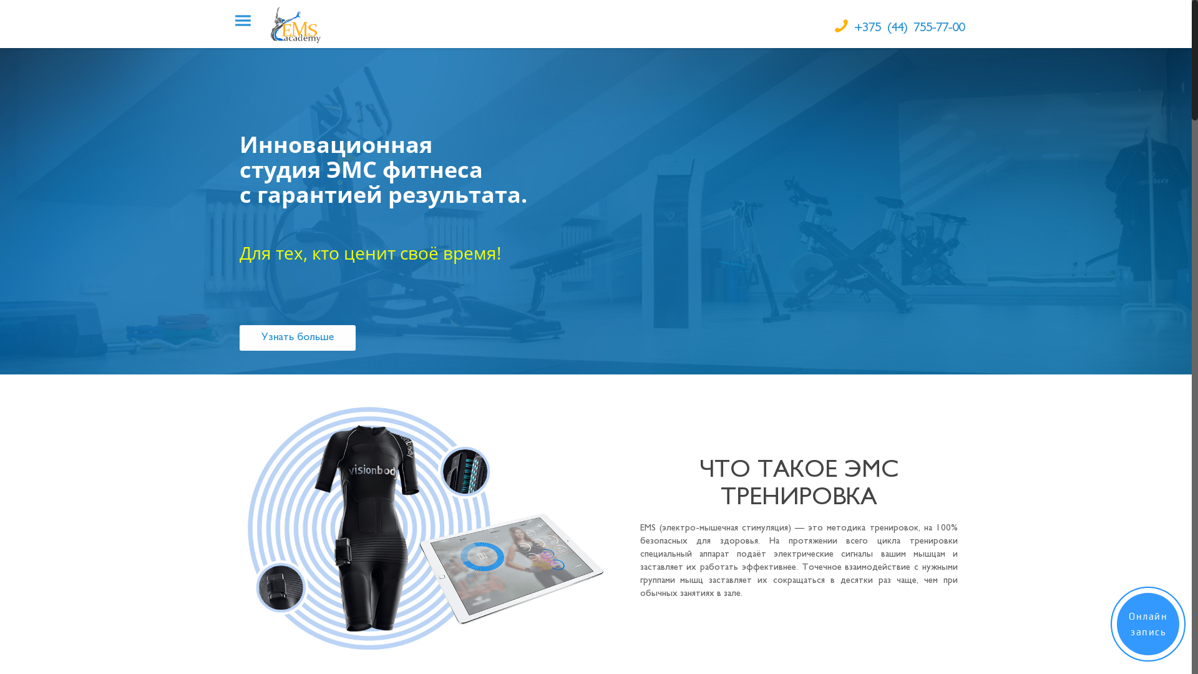  What do you see at coordinates (296, 24) in the screenshot?
I see `'EMSAcademy'` at bounding box center [296, 24].